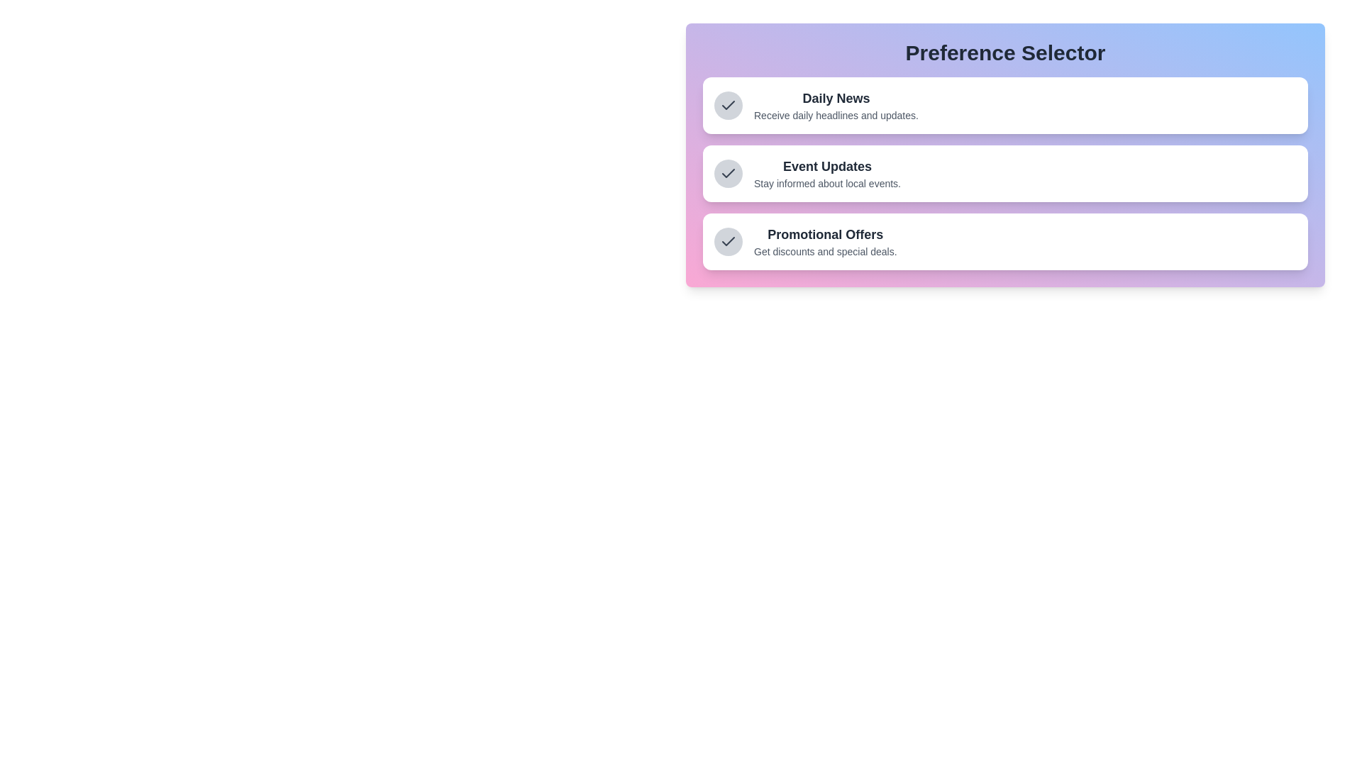  Describe the element at coordinates (729, 105) in the screenshot. I see `the preference labeled 'Daily News' by clicking its check button` at that location.